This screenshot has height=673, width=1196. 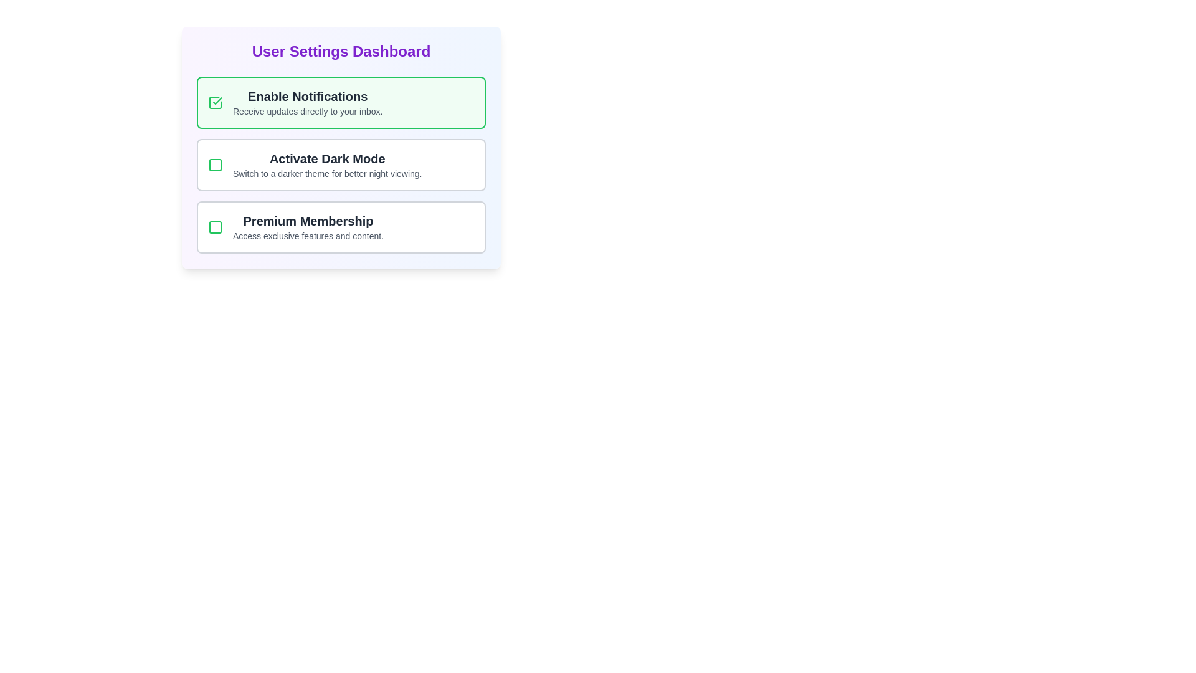 What do you see at coordinates (215, 227) in the screenshot?
I see `the 'Premium Membership' Checkbox located at the left side of the component, which is the third icon among similar icons on the page` at bounding box center [215, 227].